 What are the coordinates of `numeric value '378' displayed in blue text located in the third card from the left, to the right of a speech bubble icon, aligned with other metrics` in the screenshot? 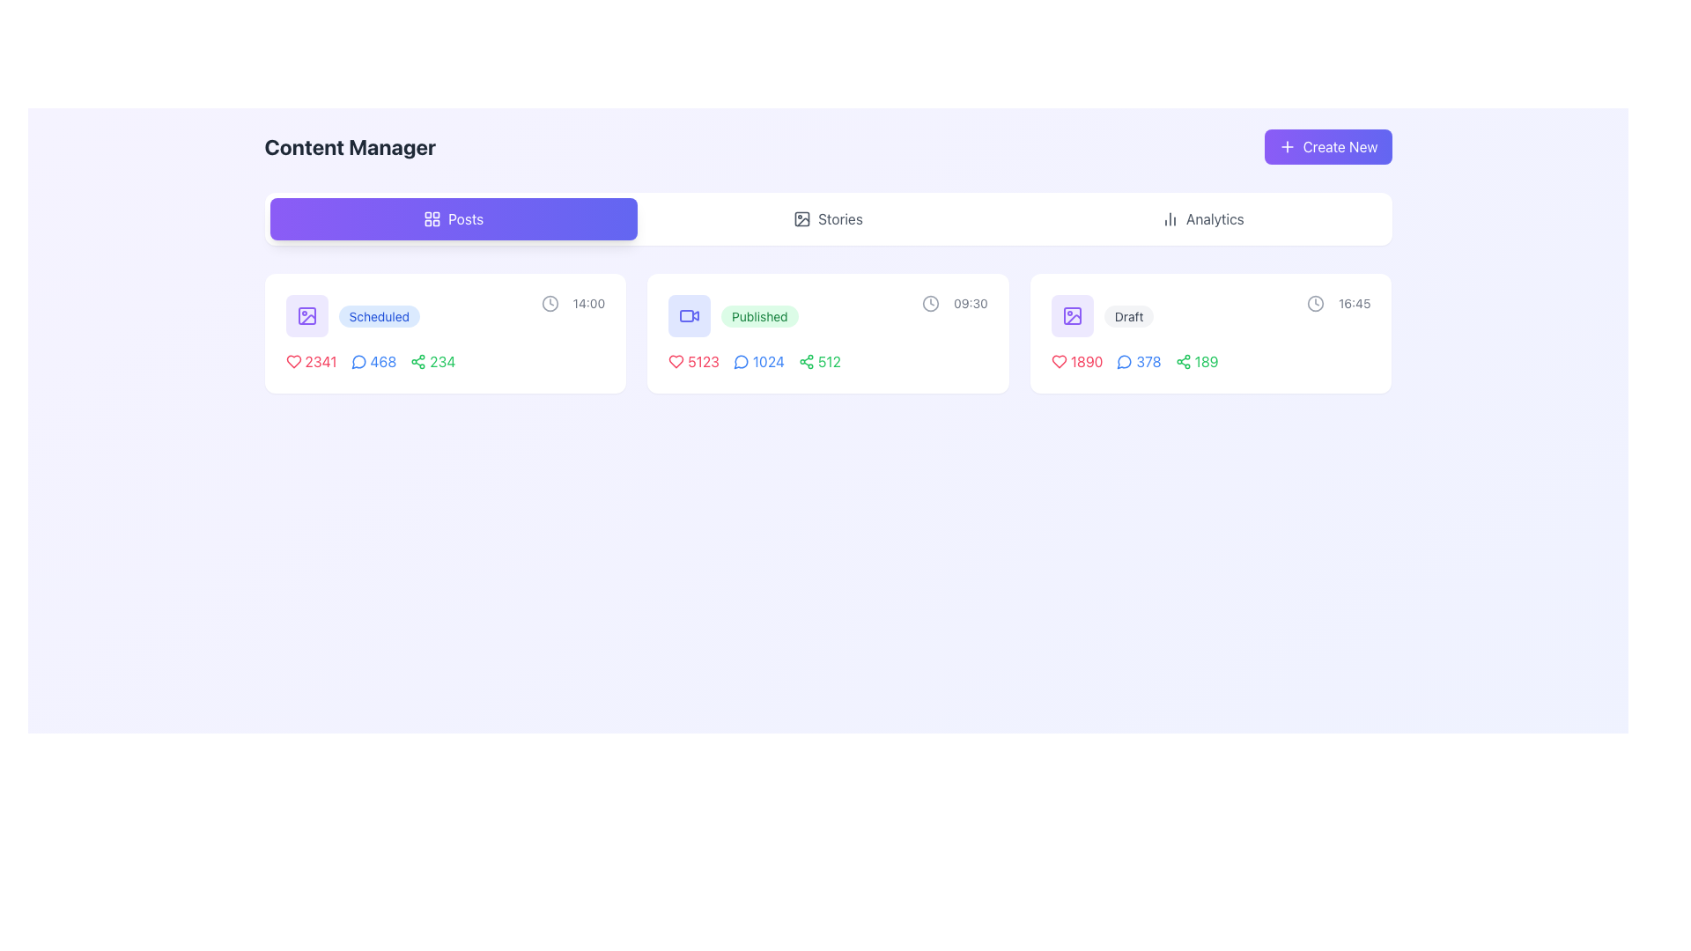 It's located at (1148, 361).